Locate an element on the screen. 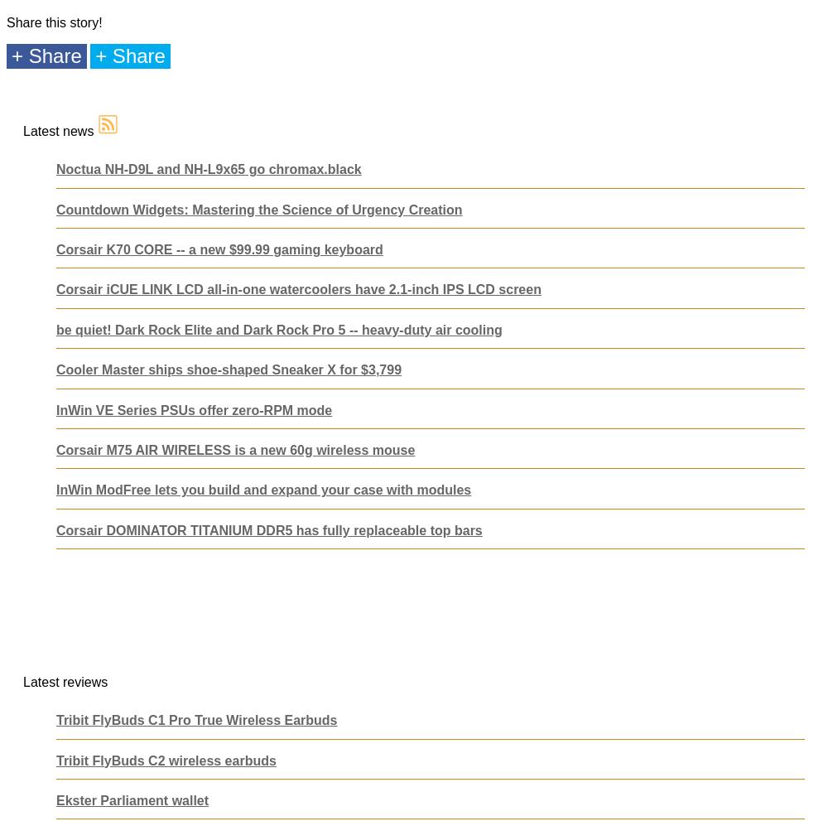  'Latest news' is located at coordinates (59, 131).